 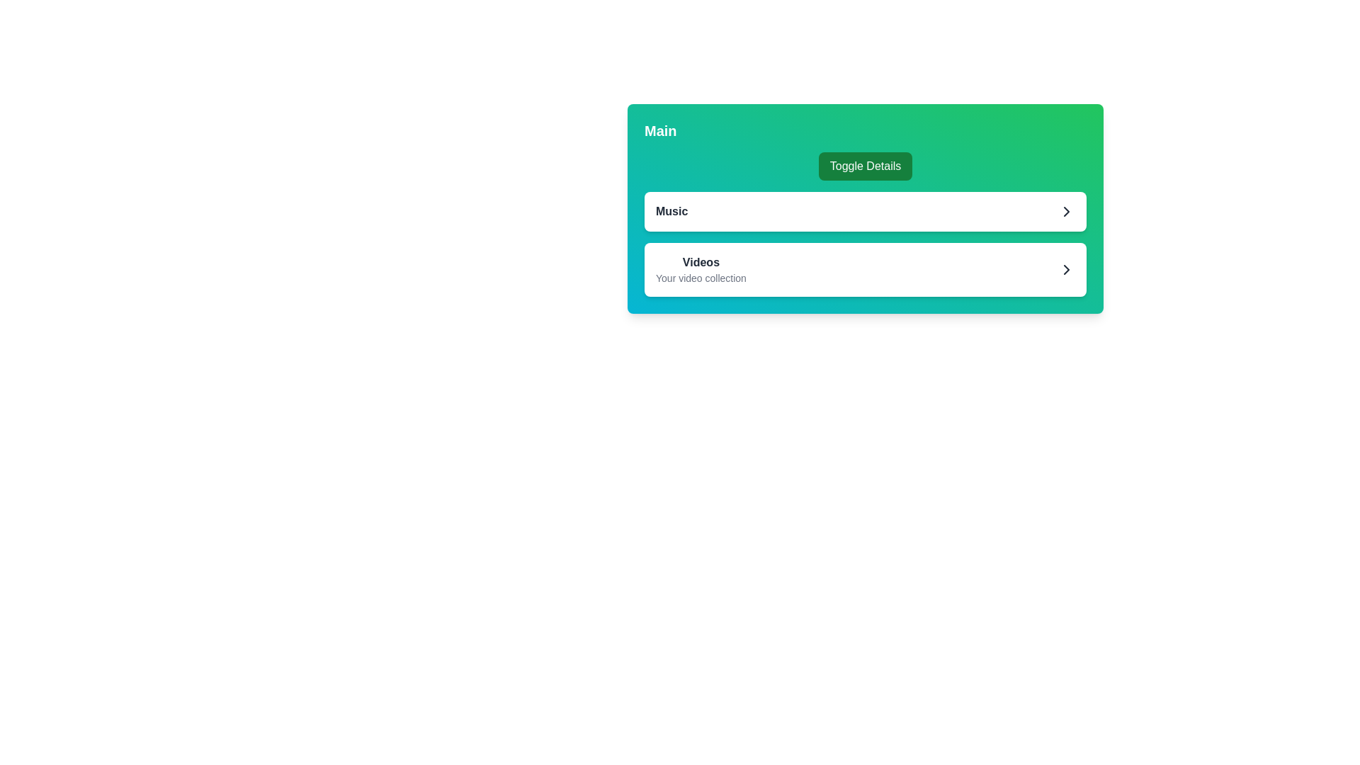 I want to click on the text element displaying 'Main' in bold, located at the top-left corner of the card component, above the 'Toggle Details' button for accessibility, so click(x=659, y=131).